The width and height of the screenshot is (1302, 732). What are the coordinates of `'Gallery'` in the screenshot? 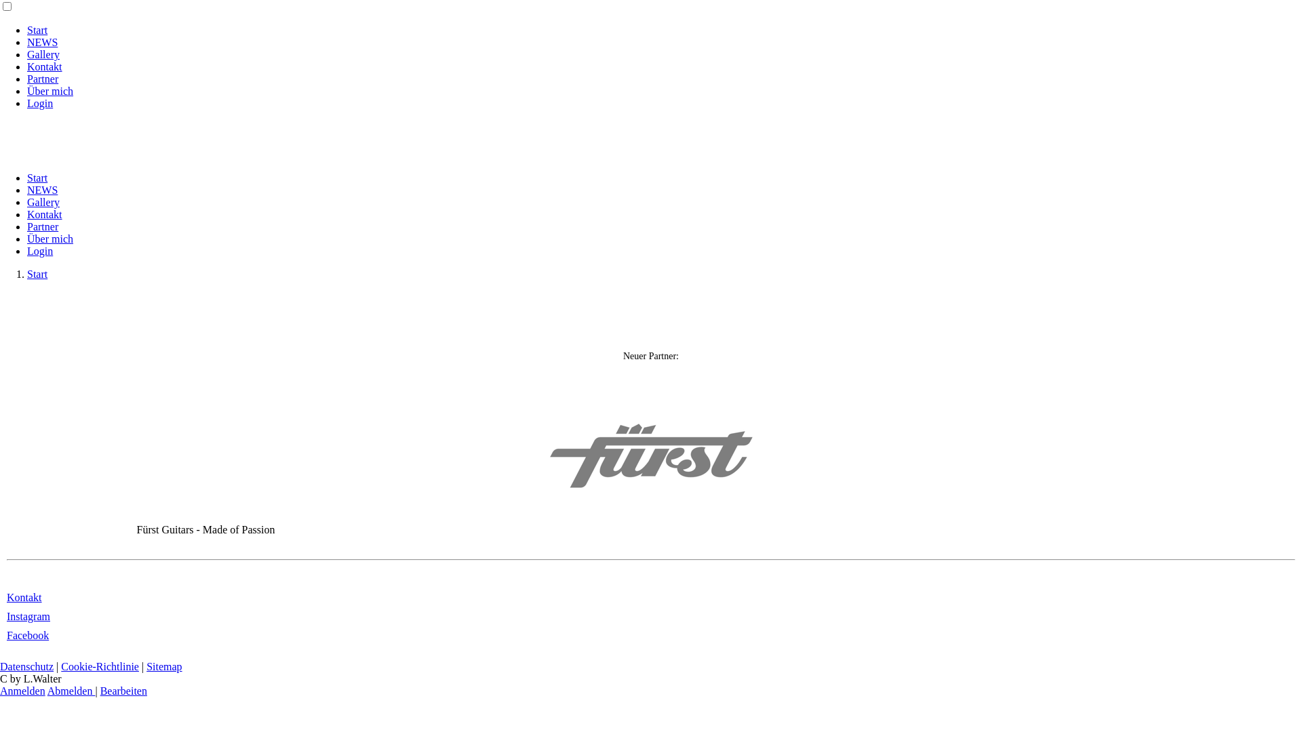 It's located at (26, 54).